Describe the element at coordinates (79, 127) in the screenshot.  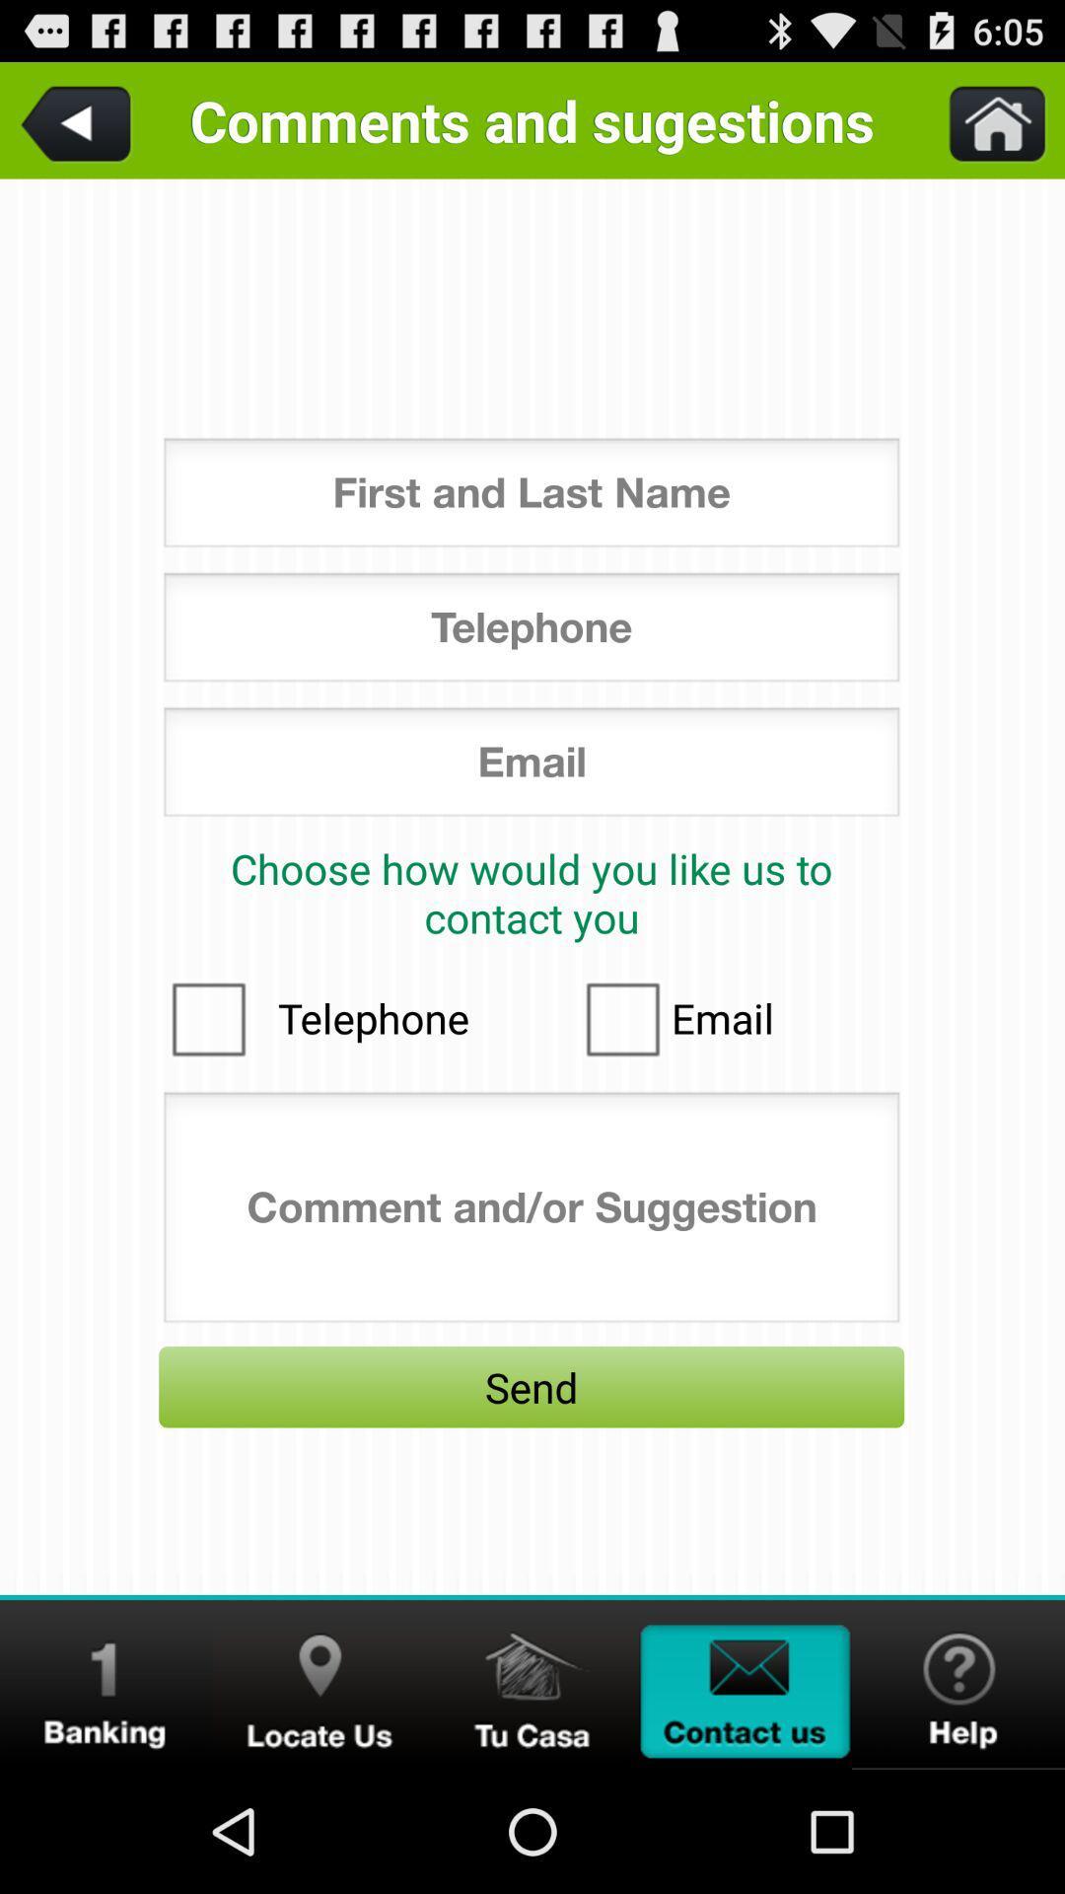
I see `the arrow_backward icon` at that location.